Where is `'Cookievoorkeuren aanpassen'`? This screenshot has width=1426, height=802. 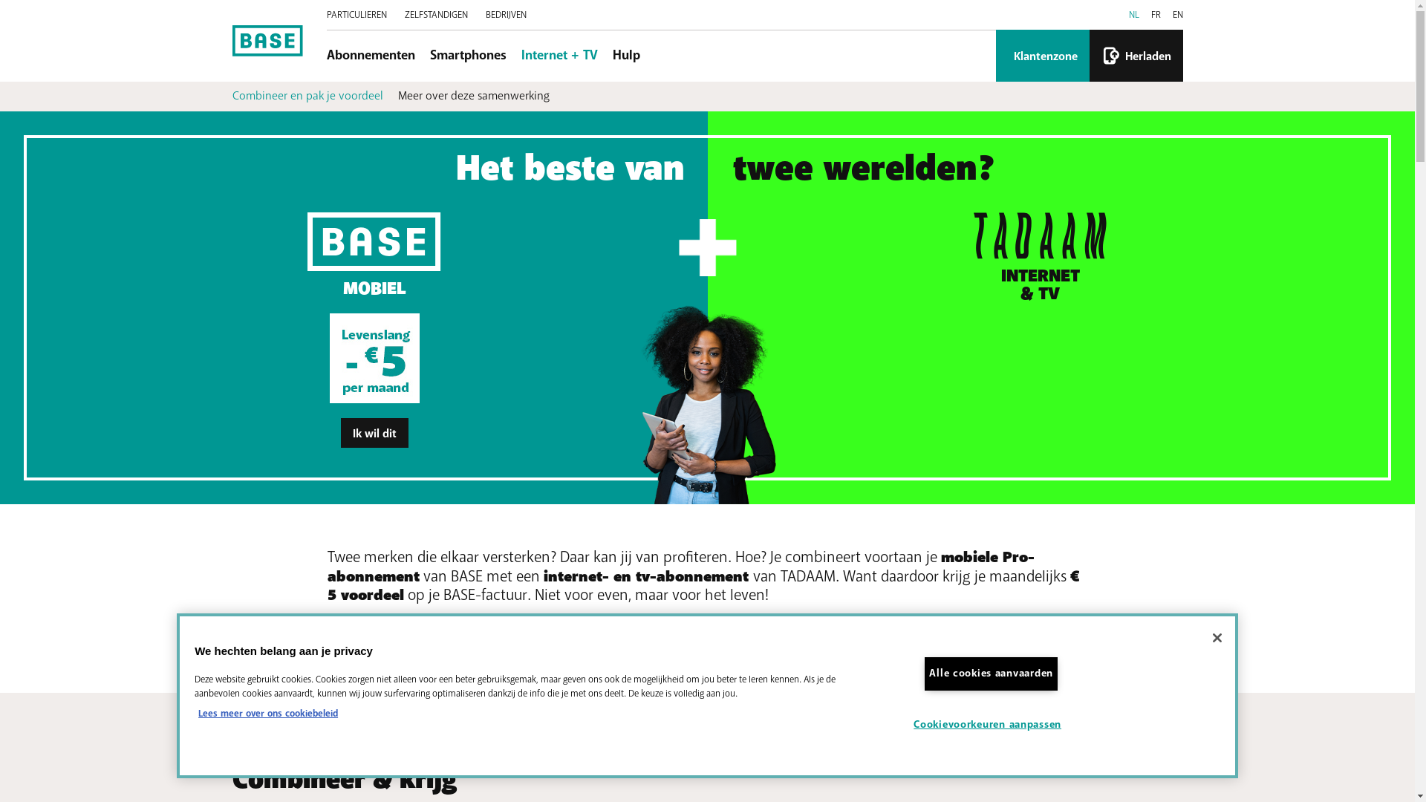
'Cookievoorkeuren aanpassen' is located at coordinates (991, 724).